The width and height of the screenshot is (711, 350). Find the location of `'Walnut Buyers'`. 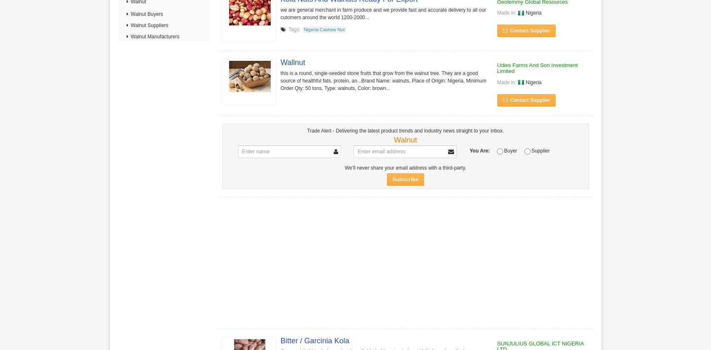

'Walnut Buyers' is located at coordinates (146, 14).